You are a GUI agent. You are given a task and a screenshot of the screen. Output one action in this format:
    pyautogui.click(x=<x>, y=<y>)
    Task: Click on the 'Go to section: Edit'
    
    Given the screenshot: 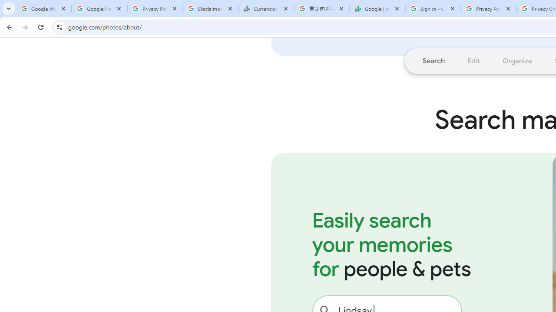 What is the action you would take?
    pyautogui.click(x=473, y=60)
    